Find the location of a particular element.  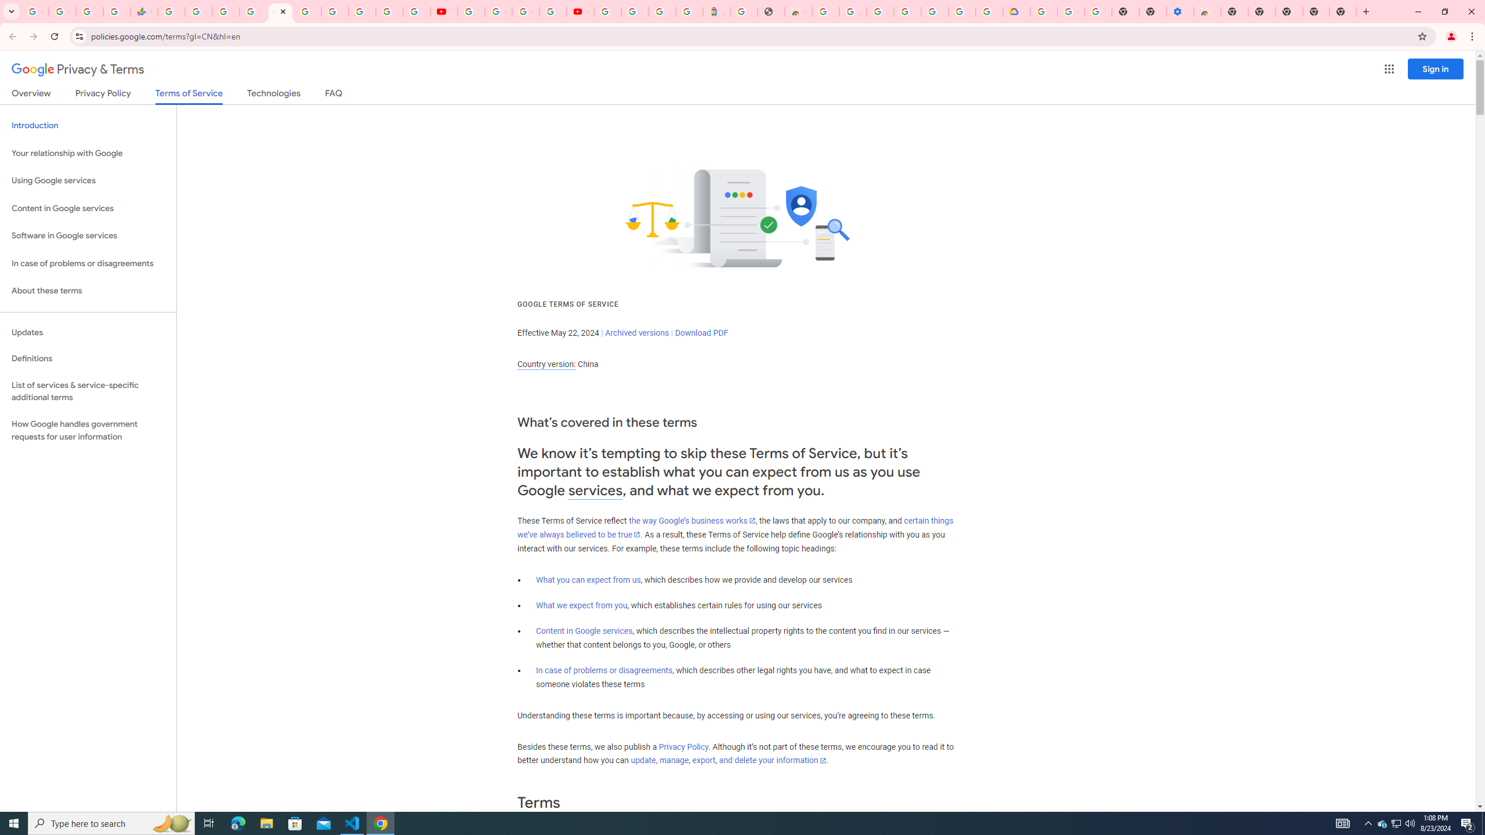

'Country version:' is located at coordinates (546, 364).